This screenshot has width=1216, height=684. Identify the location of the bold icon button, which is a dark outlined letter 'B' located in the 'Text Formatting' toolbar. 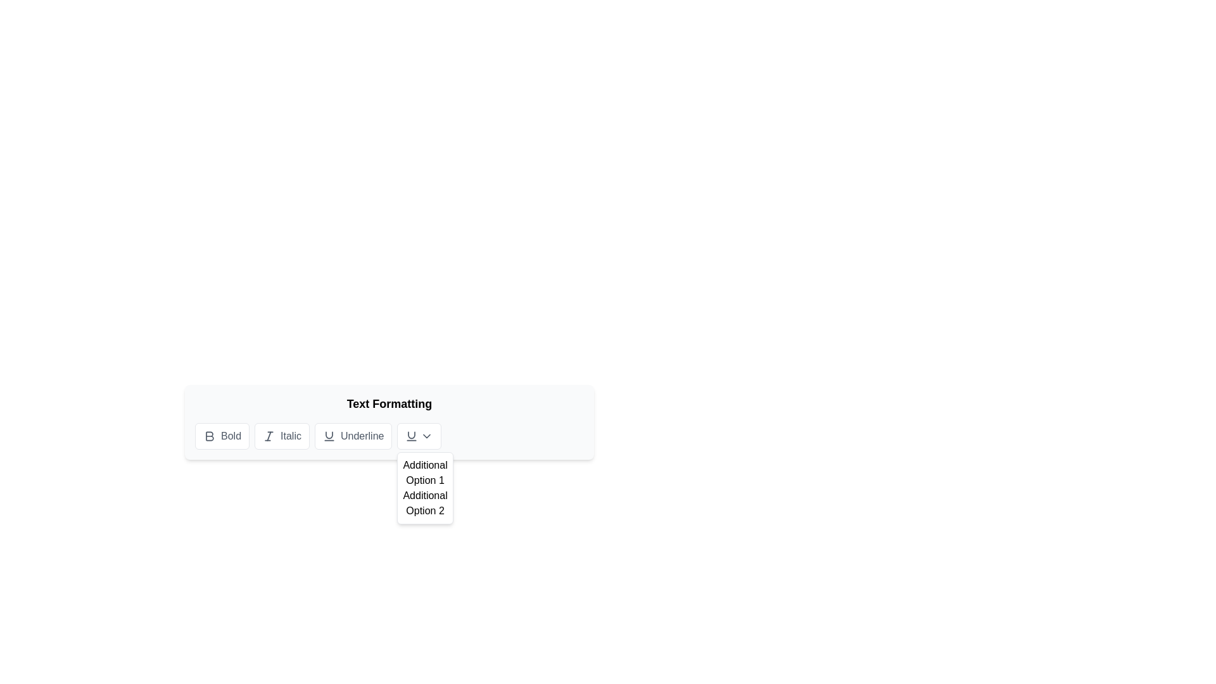
(210, 436).